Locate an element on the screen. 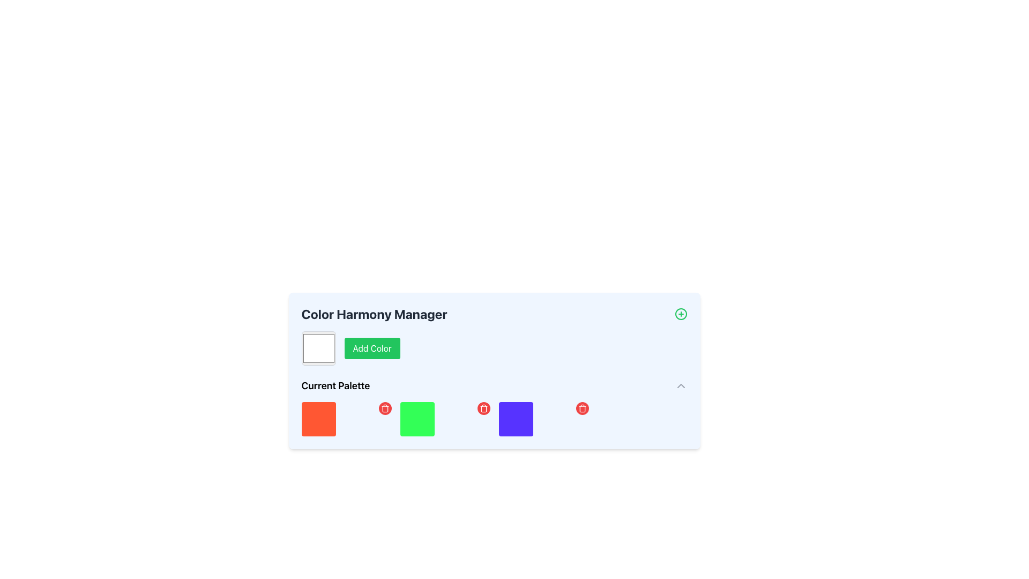  the 'Add Color' button located to the right of the color picker button in the 'Color Harmony Manager' section by clicking it is located at coordinates (372, 348).